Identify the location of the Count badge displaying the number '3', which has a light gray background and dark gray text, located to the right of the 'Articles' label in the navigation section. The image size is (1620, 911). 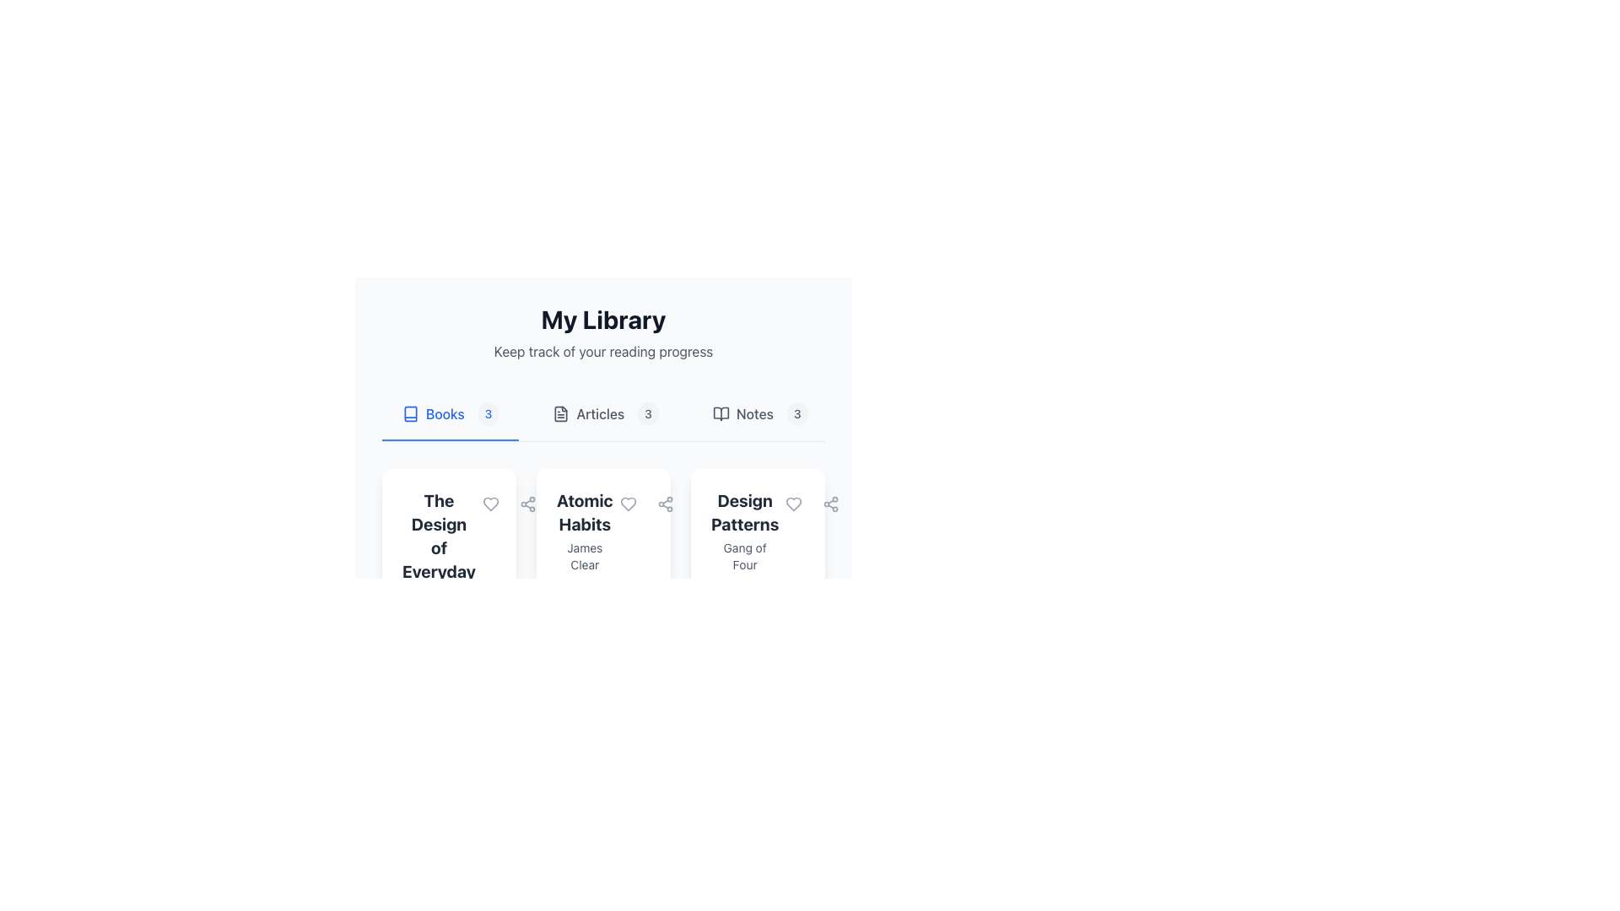
(647, 413).